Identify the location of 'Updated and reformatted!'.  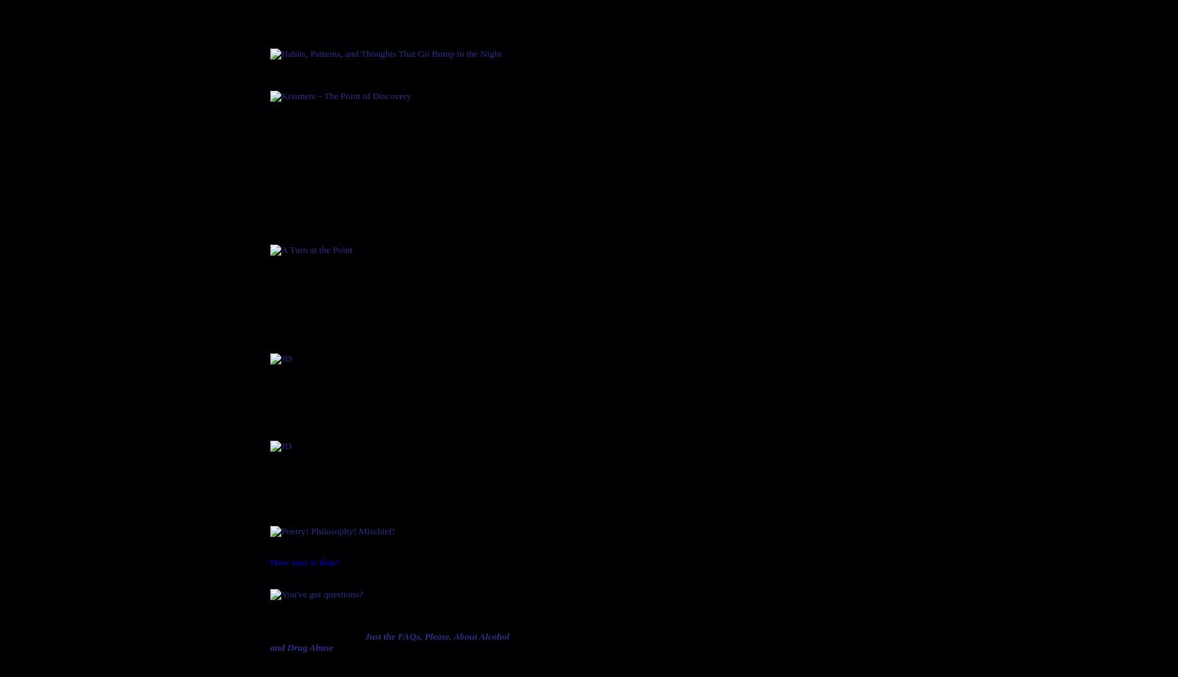
(318, 64).